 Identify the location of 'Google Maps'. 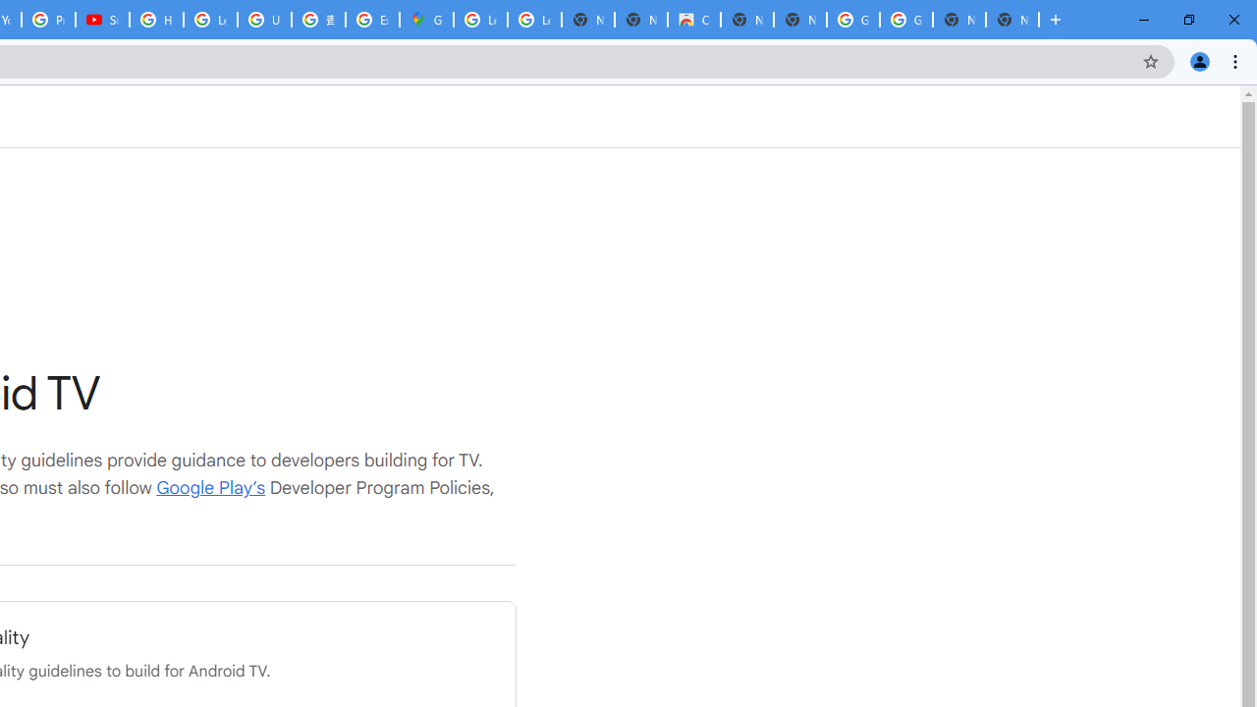
(425, 20).